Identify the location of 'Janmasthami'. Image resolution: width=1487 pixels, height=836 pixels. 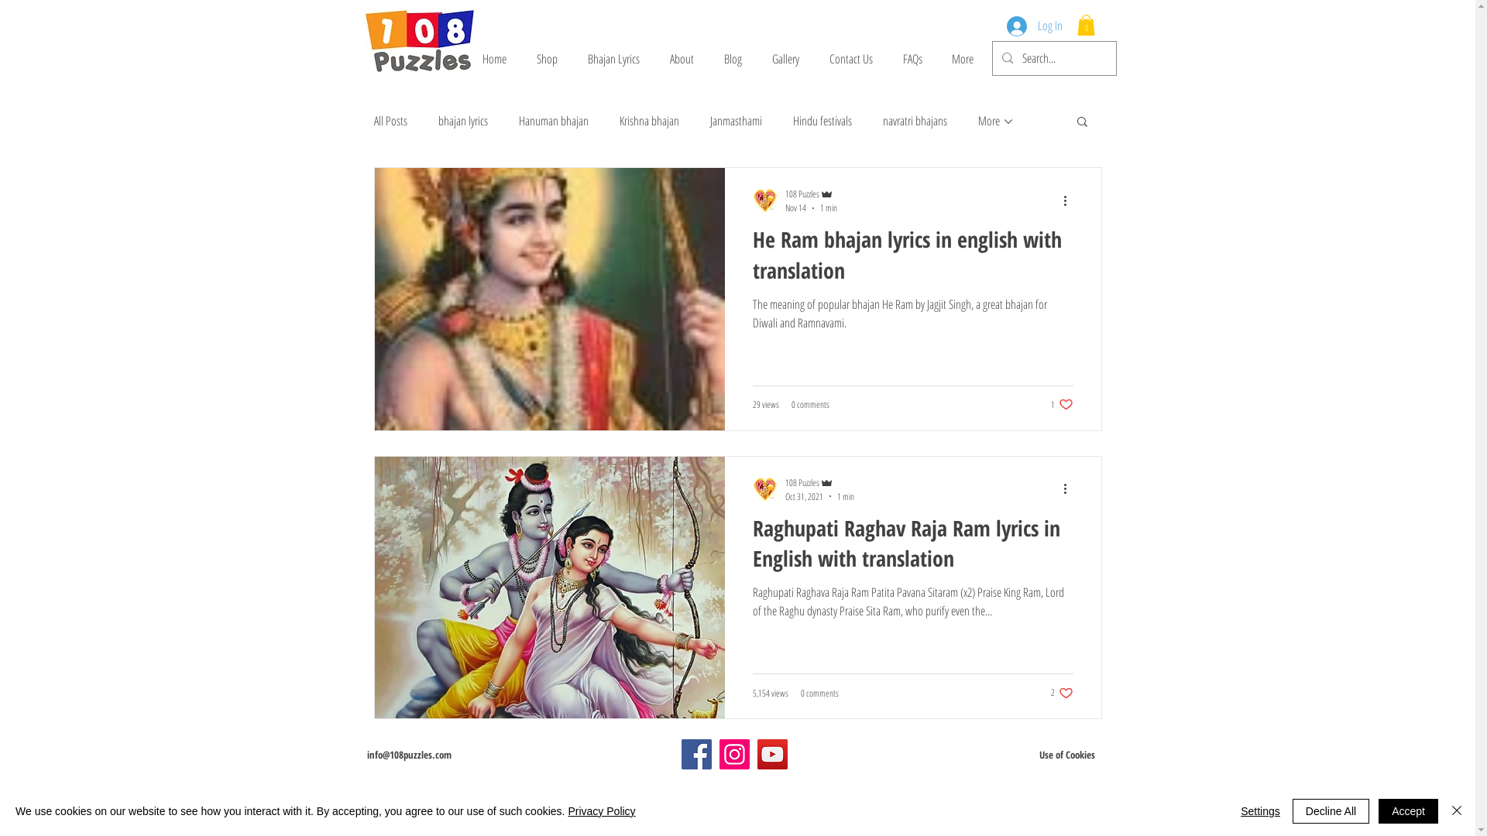
(734, 119).